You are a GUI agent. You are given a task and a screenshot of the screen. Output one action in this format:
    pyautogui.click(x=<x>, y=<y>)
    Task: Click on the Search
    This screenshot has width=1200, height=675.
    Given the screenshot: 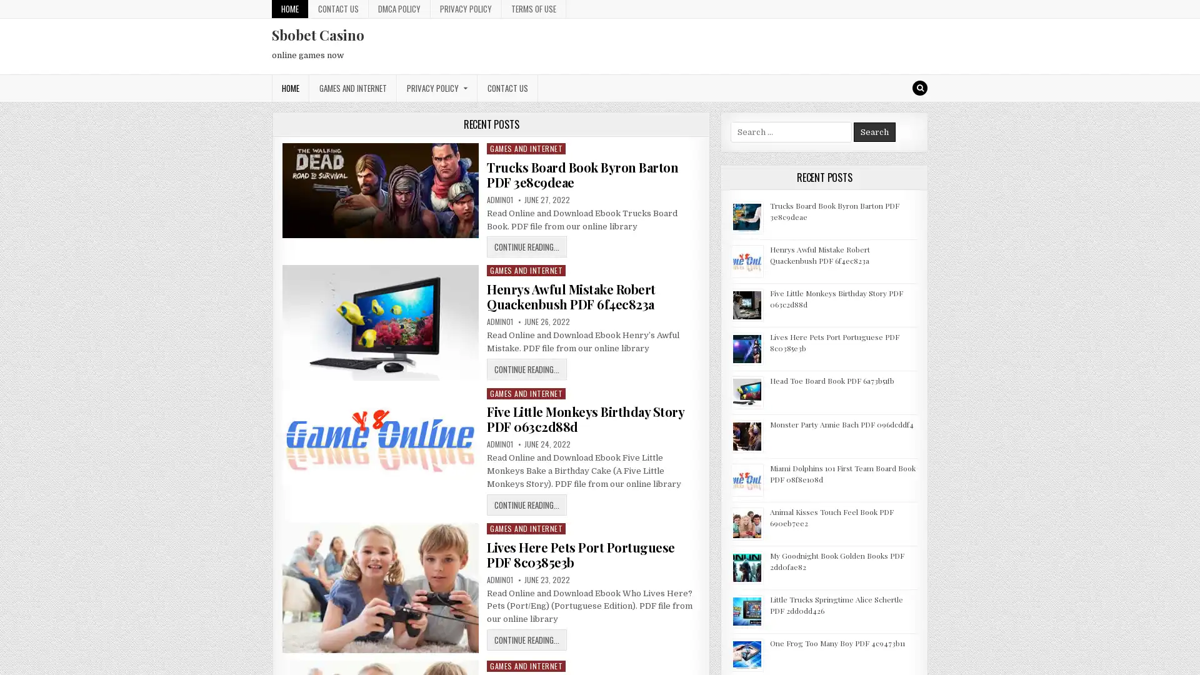 What is the action you would take?
    pyautogui.click(x=874, y=132)
    